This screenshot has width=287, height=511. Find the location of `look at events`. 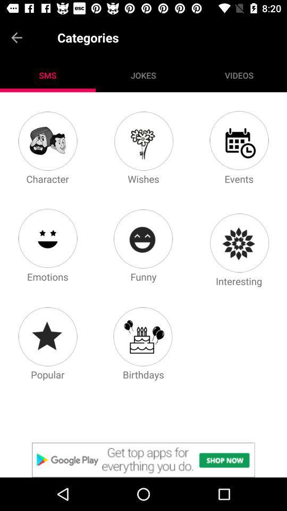

look at events is located at coordinates (239, 140).